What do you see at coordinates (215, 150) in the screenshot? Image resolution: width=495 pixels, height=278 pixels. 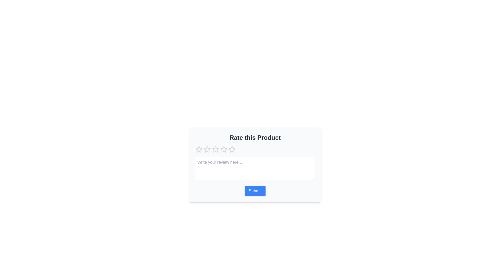 I see `the star corresponding to 3 to preview the rating` at bounding box center [215, 150].